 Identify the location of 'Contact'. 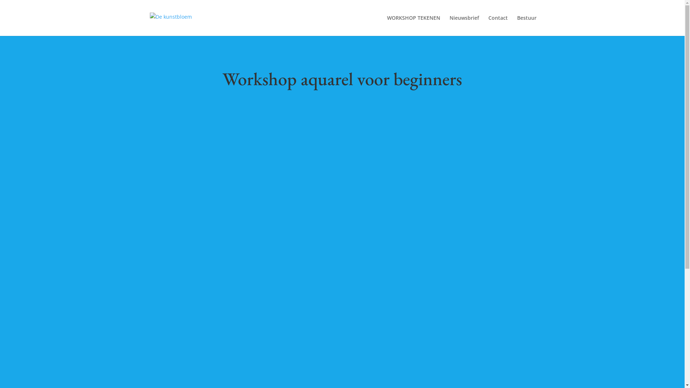
(497, 25).